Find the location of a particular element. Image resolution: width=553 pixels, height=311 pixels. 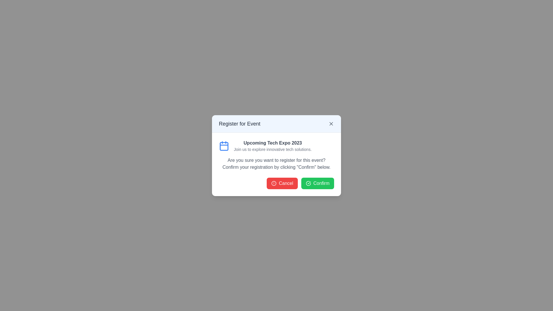

the informational text block that reads 'Are you sure you want to register for this event? Confirm your registration by clicking "Confirm" below.' is located at coordinates (276, 164).